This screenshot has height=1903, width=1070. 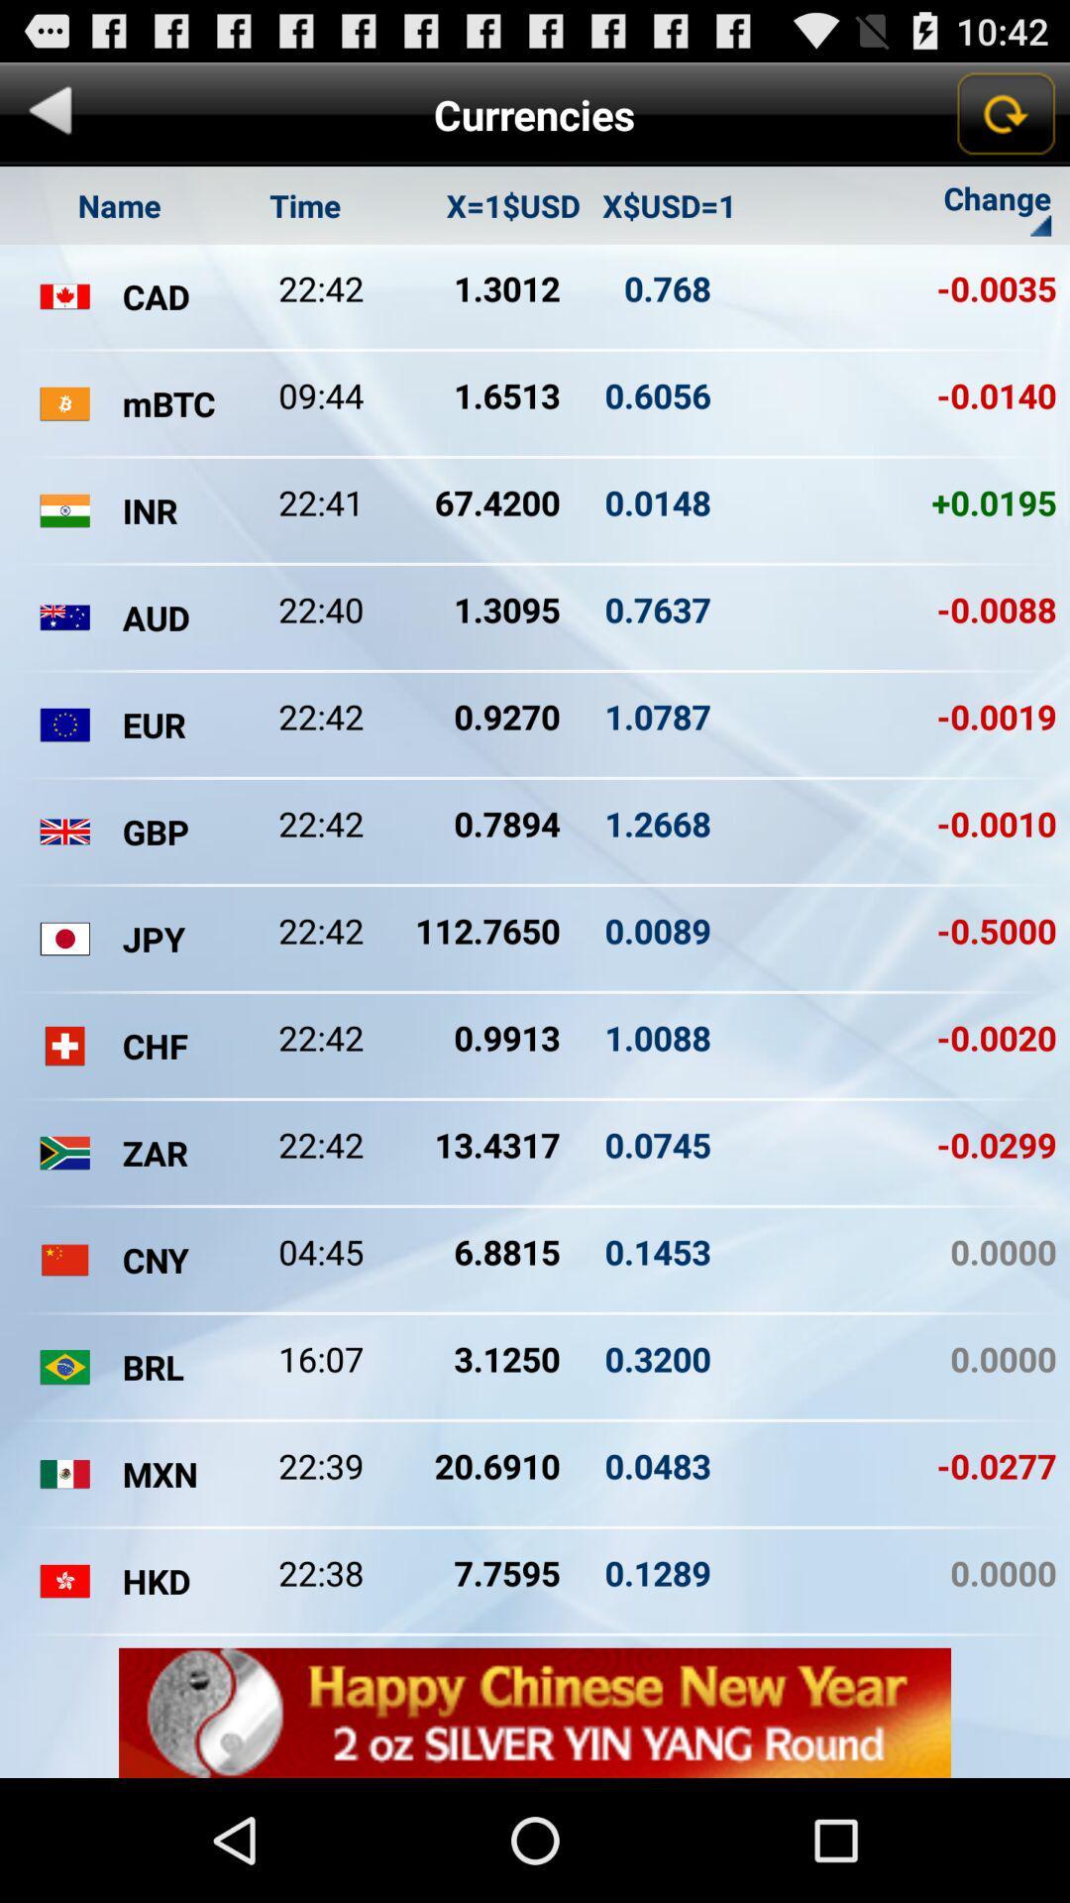 What do you see at coordinates (535, 1712) in the screenshot?
I see `advertisement` at bounding box center [535, 1712].